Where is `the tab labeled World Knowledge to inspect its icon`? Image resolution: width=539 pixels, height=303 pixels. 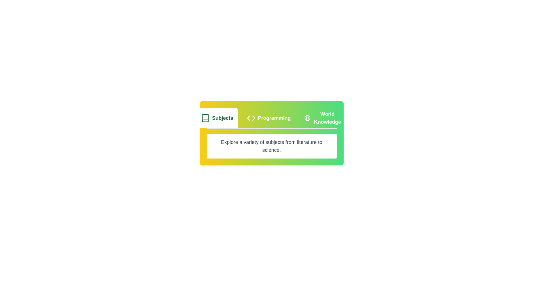
the tab labeled World Knowledge to inspect its icon is located at coordinates (323, 118).